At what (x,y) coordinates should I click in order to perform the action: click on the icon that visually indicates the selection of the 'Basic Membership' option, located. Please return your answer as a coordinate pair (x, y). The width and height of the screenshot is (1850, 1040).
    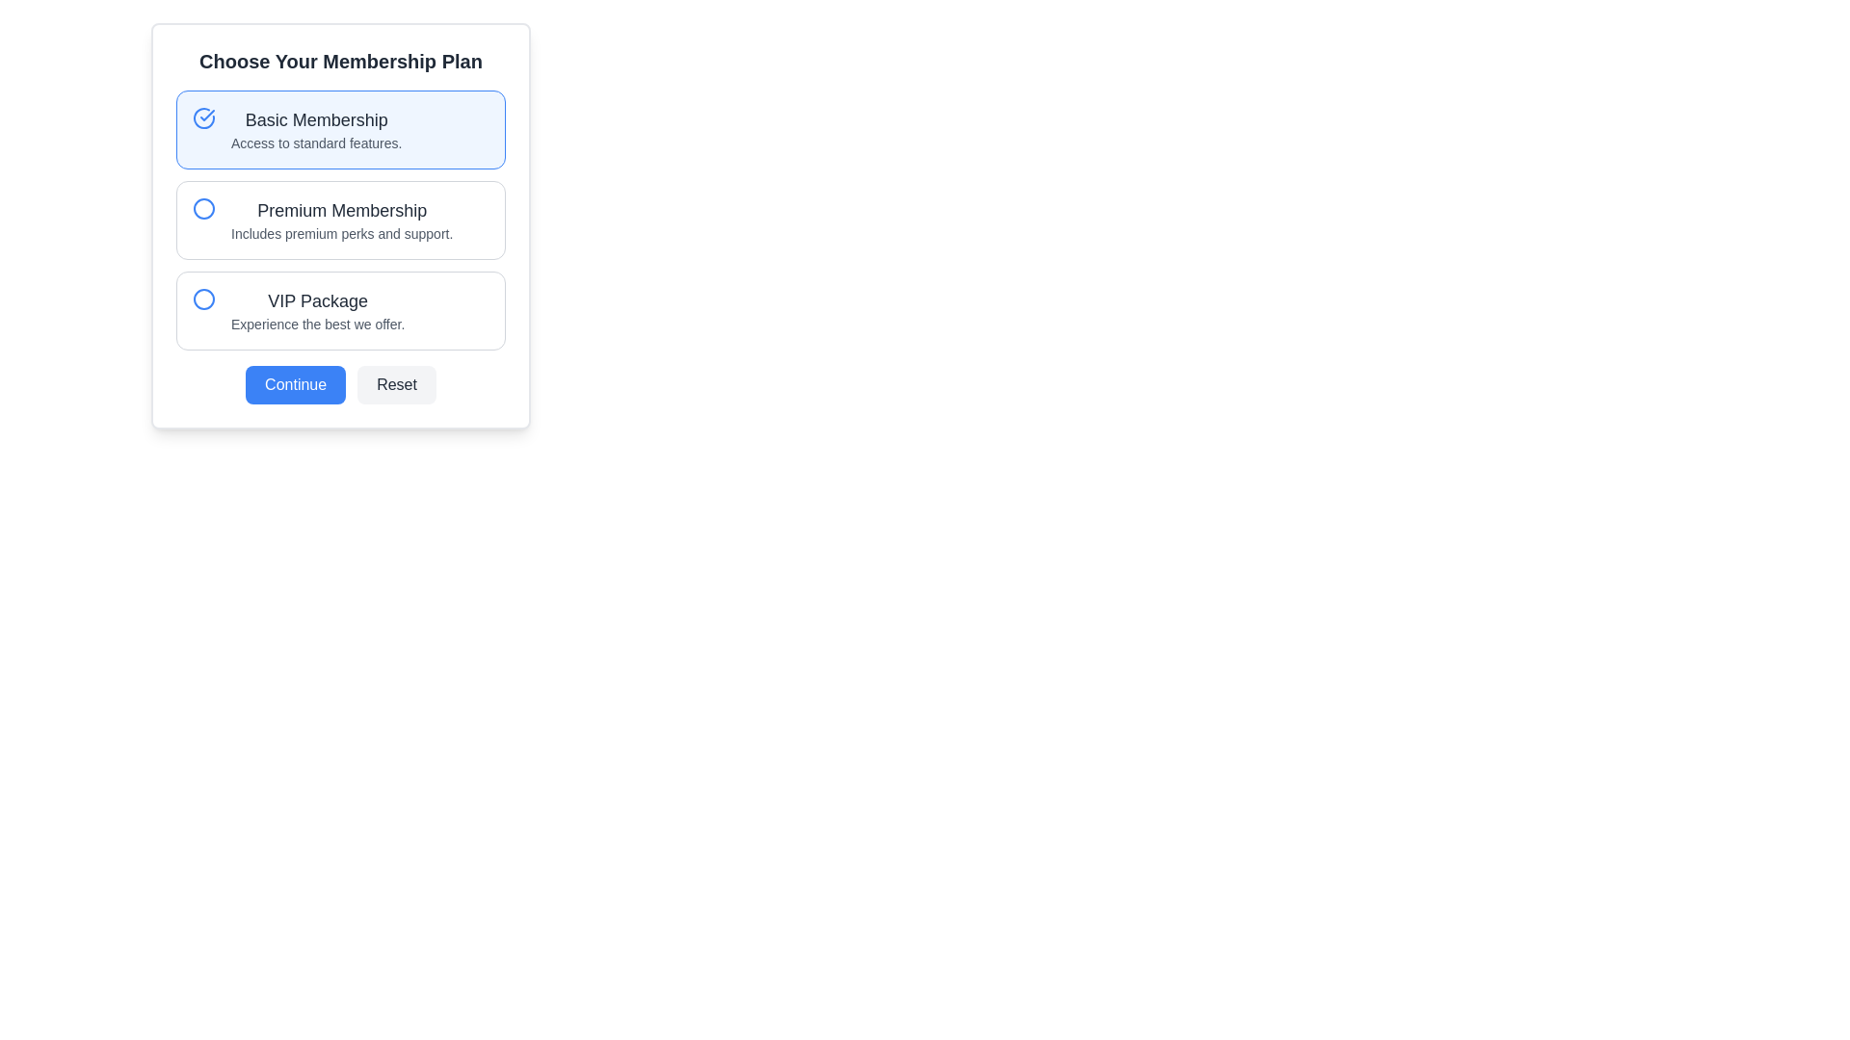
    Looking at the image, I should click on (203, 118).